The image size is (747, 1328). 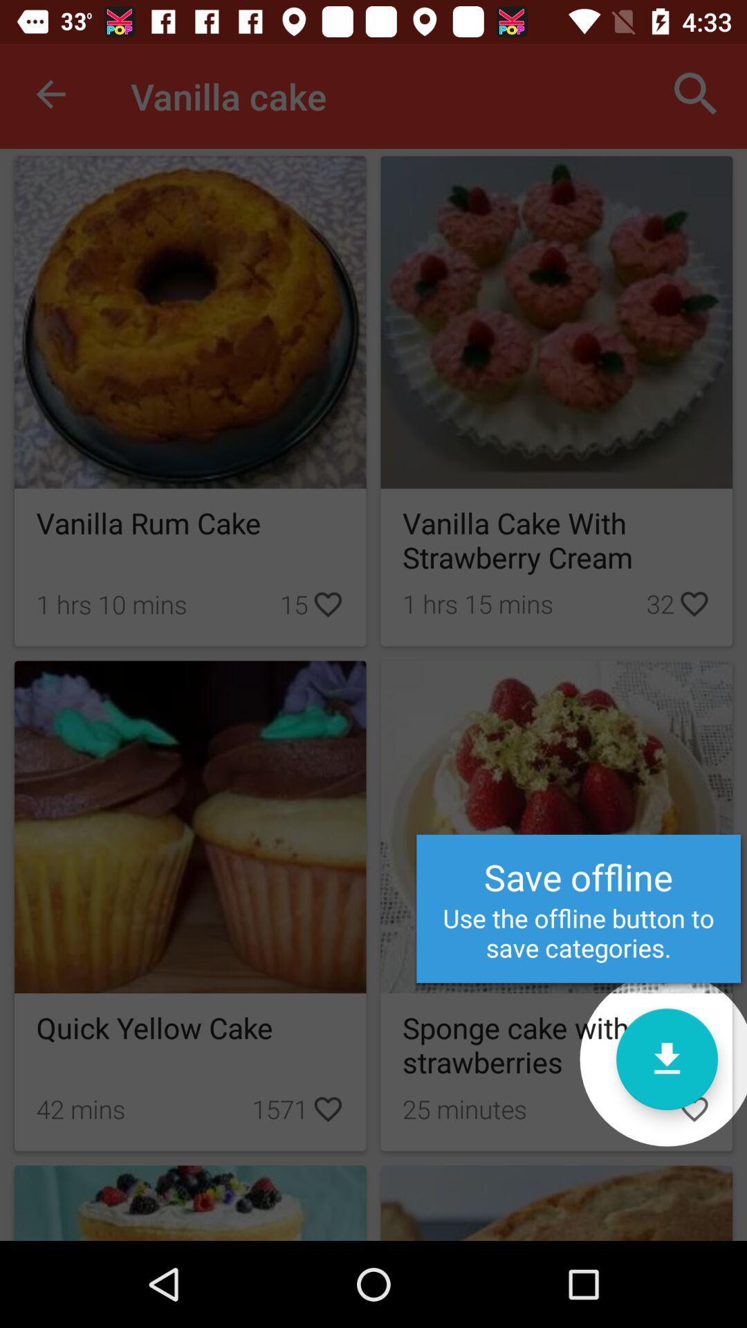 What do you see at coordinates (696, 93) in the screenshot?
I see `the item next to the vanilla cake icon` at bounding box center [696, 93].